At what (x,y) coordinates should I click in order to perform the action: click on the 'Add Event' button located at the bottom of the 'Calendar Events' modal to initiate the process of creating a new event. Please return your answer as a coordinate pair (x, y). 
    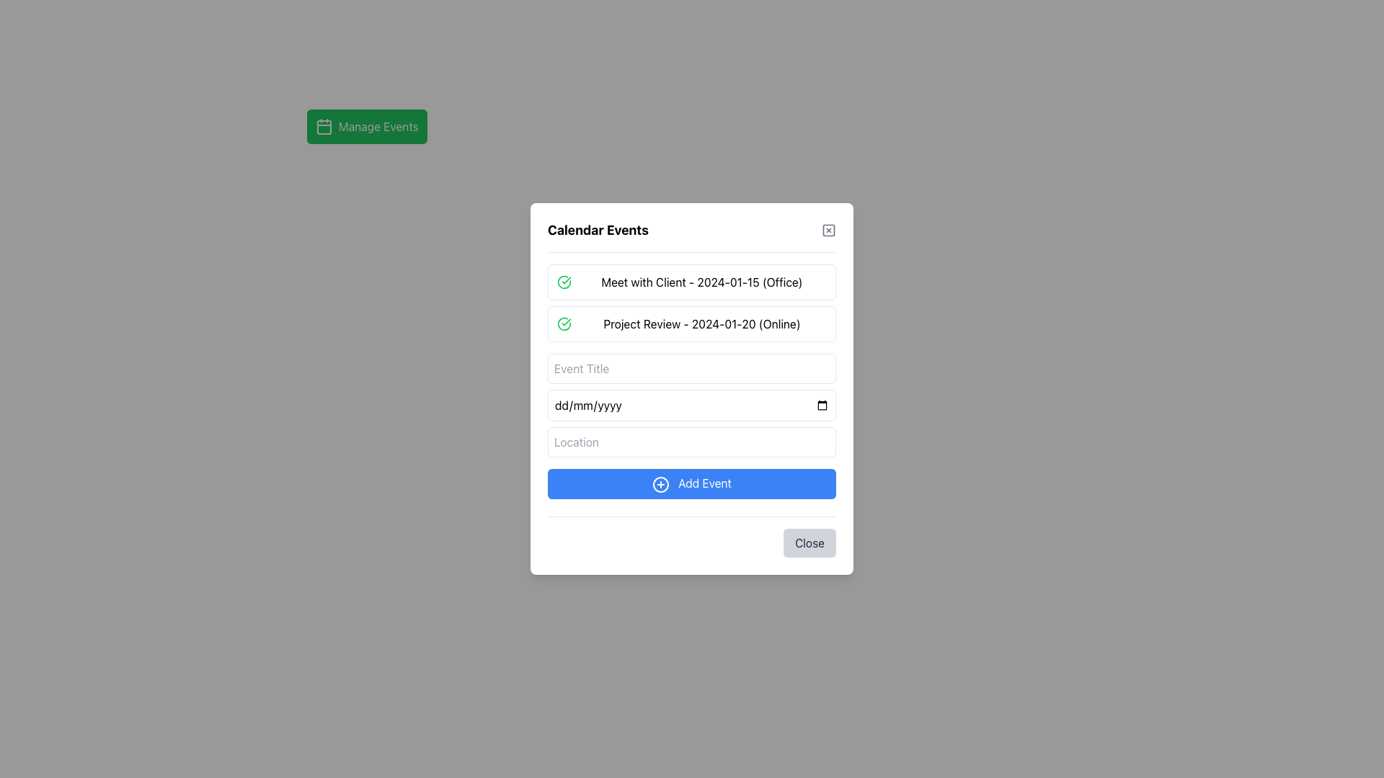
    Looking at the image, I should click on (692, 483).